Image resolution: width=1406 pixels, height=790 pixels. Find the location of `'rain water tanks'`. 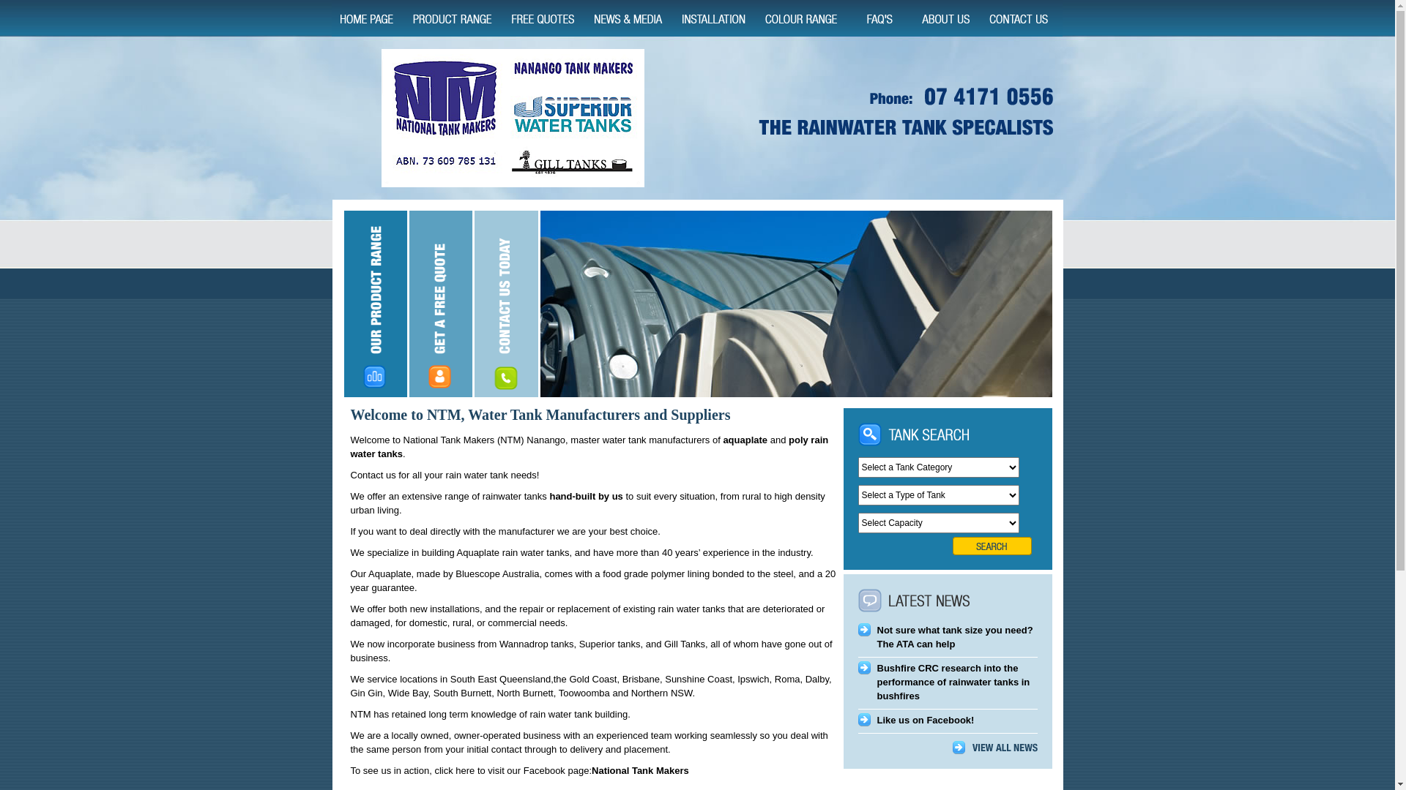

'rain water tanks' is located at coordinates (589, 445).